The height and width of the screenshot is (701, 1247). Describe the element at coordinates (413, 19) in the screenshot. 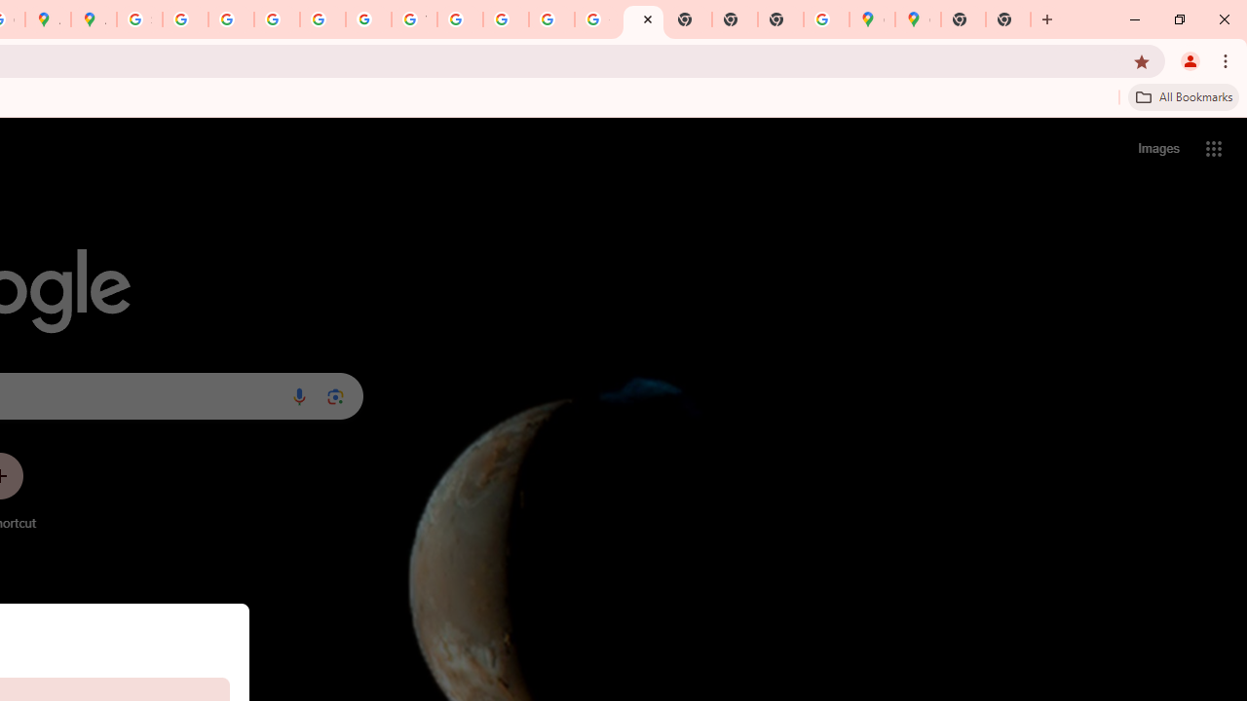

I see `'YouTube'` at that location.